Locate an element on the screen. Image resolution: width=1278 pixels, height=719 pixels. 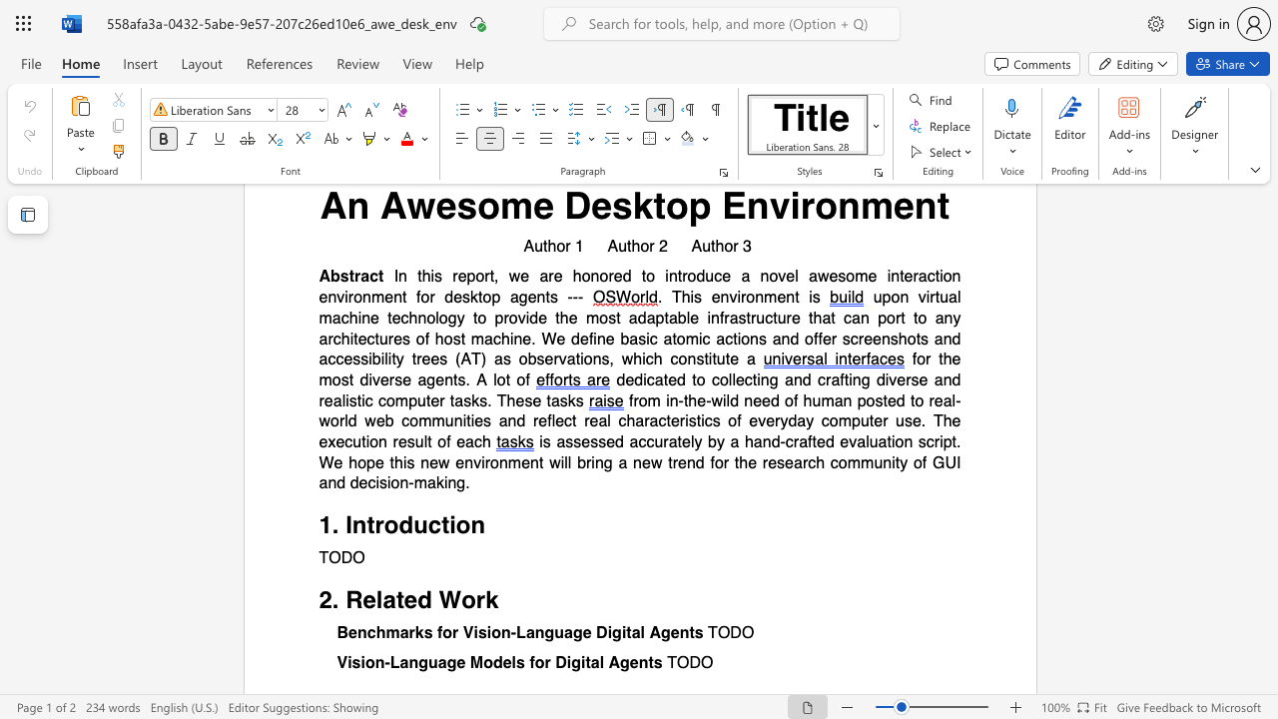
the subset text "-Language Digital Agents" within the text "Benchmarks for Vision-Language Digital Agents" is located at coordinates (510, 633).